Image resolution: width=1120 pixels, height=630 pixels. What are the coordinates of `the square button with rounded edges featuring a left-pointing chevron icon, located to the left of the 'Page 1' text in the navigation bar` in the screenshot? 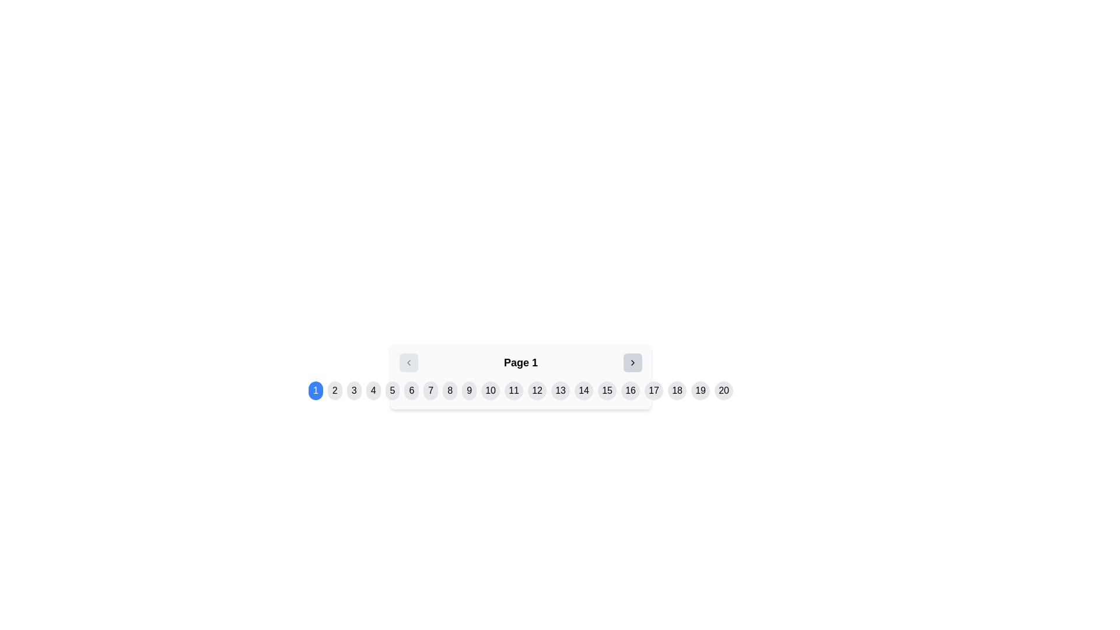 It's located at (408, 362).